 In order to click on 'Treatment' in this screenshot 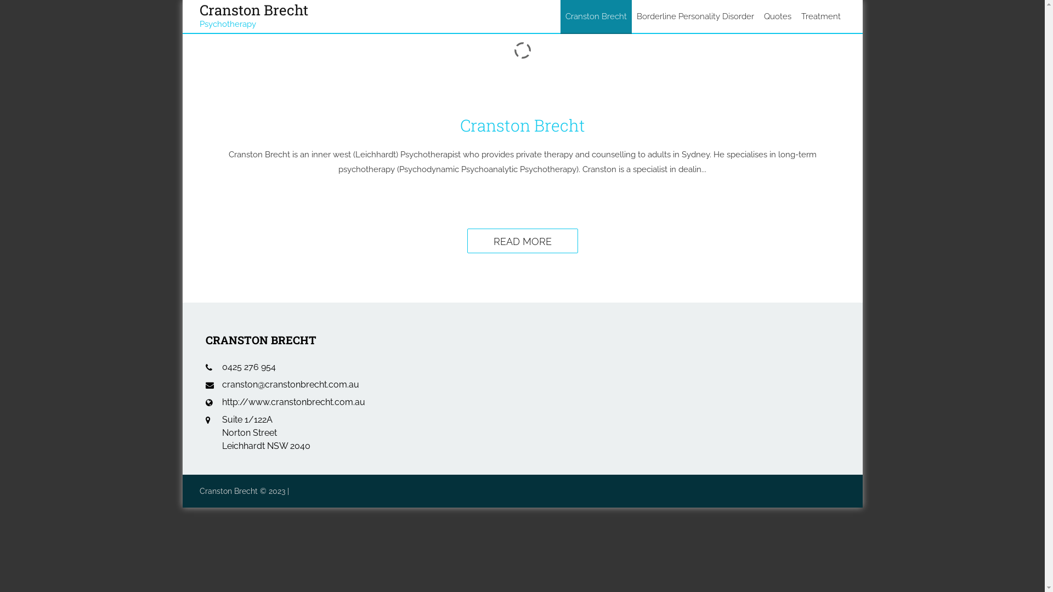, I will do `click(821, 16)`.